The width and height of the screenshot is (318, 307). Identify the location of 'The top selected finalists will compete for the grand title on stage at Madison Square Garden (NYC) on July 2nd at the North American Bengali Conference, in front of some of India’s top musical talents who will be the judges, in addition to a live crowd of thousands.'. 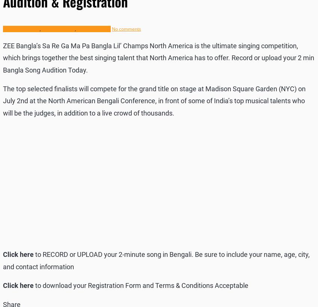
(154, 100).